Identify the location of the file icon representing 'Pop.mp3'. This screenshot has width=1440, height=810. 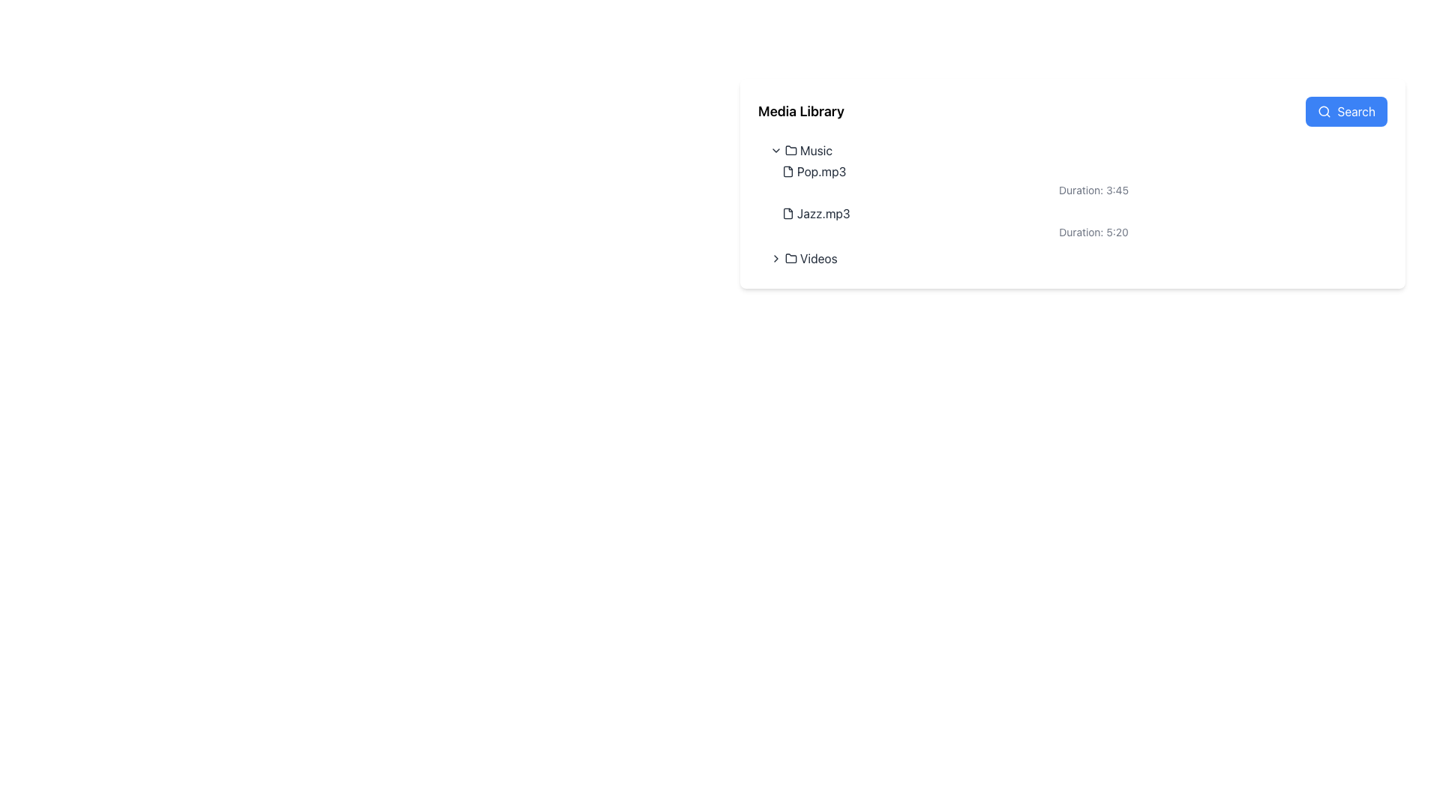
(787, 170).